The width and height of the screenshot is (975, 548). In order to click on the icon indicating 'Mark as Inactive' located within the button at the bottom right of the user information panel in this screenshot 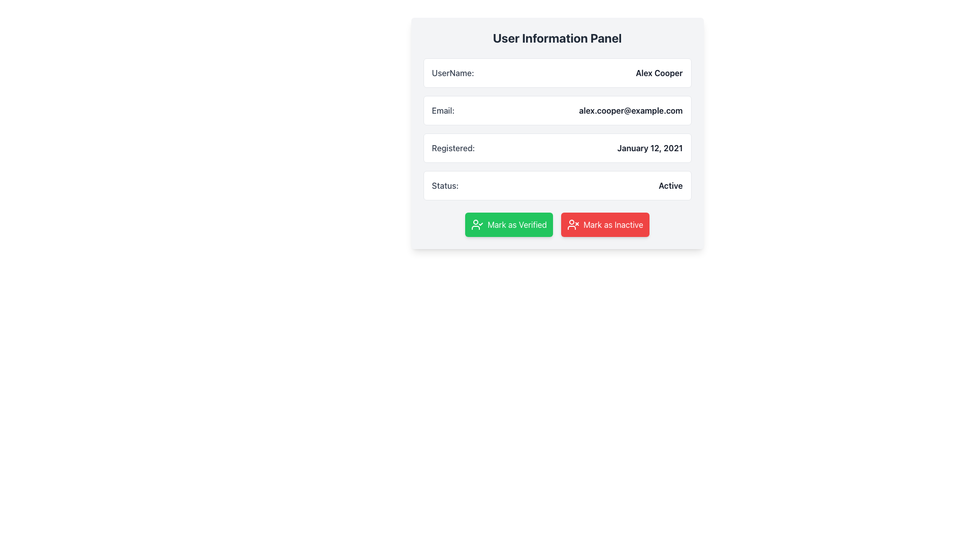, I will do `click(573, 224)`.